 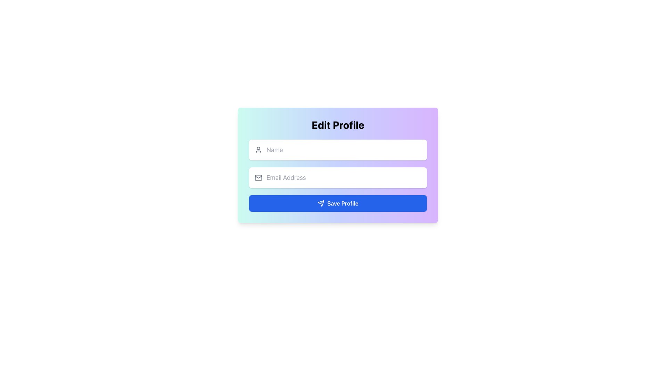 What do you see at coordinates (258, 177) in the screenshot?
I see `the envelope-shaped icon with a gray outline, located to the left of the 'Email Address' input field in the 'Edit Profile' section of the form` at bounding box center [258, 177].